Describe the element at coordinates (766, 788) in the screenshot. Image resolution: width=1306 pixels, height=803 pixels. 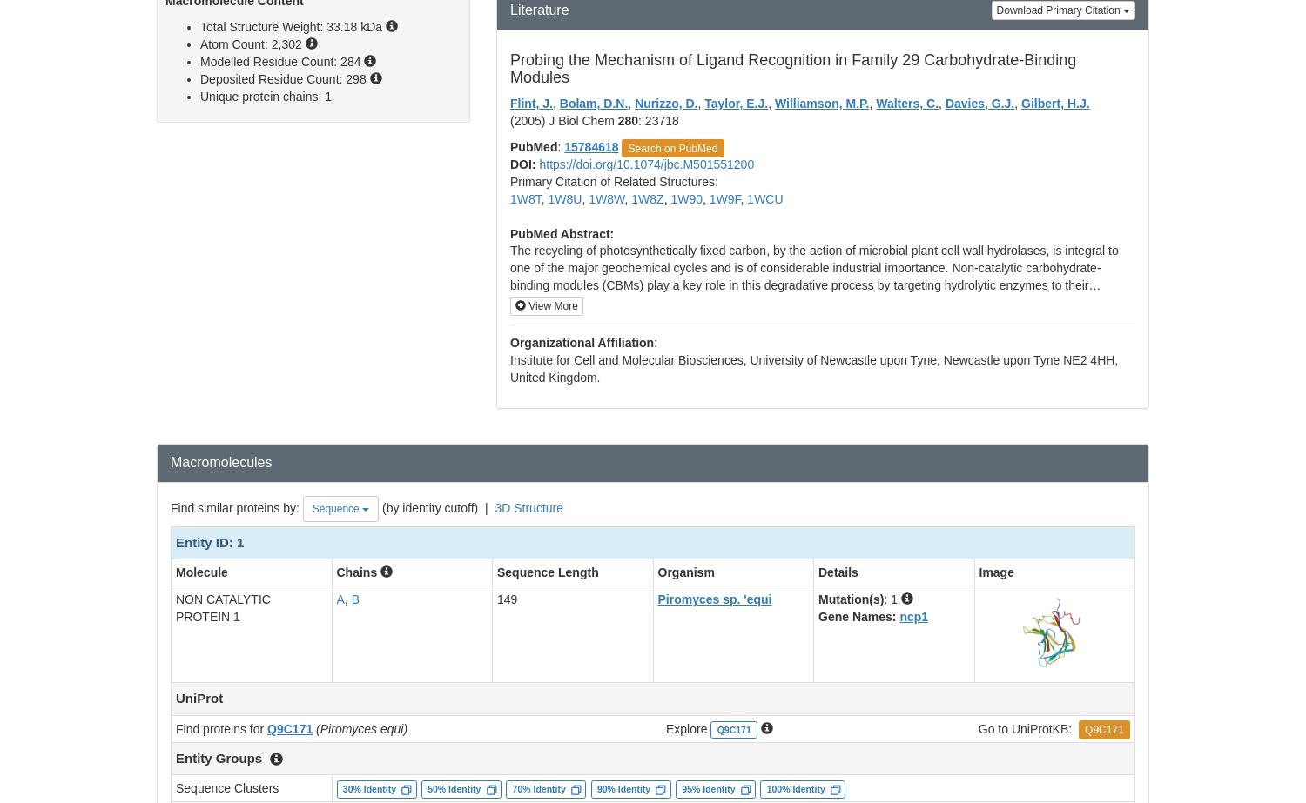
I see `'100% Identity'` at that location.